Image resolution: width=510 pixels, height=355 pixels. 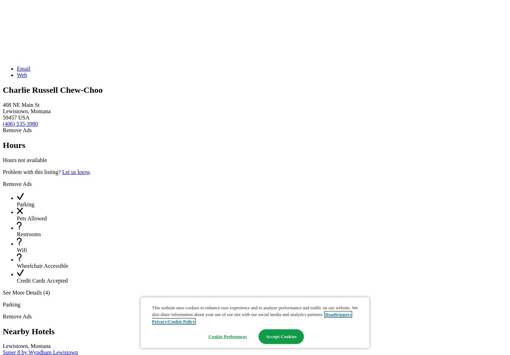 What do you see at coordinates (25, 160) in the screenshot?
I see `'Hours not available'` at bounding box center [25, 160].